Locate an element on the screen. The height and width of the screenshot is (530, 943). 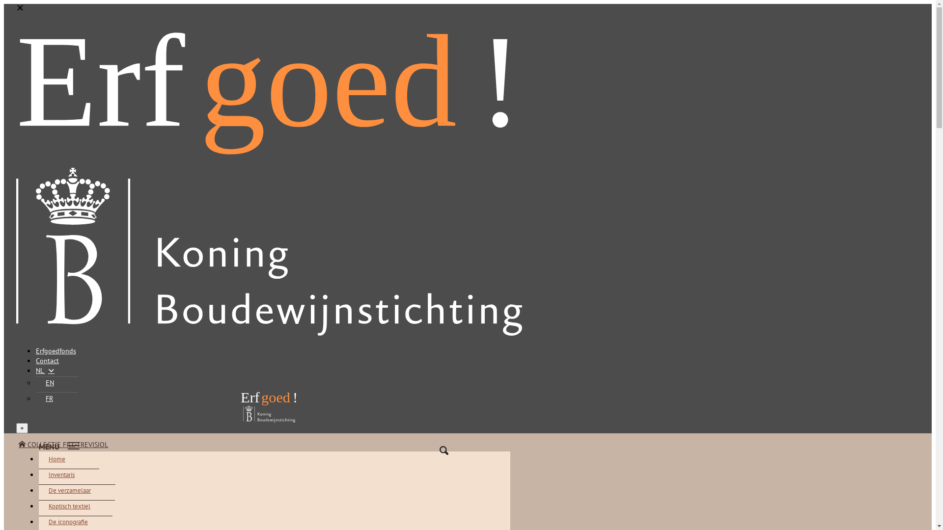
'Home' is located at coordinates (63, 459).